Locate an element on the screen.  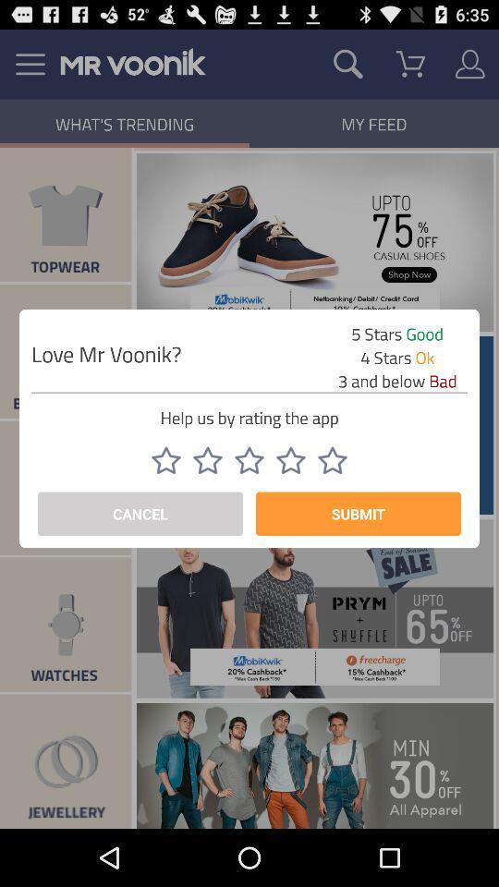
rate as bad is located at coordinates (249, 459).